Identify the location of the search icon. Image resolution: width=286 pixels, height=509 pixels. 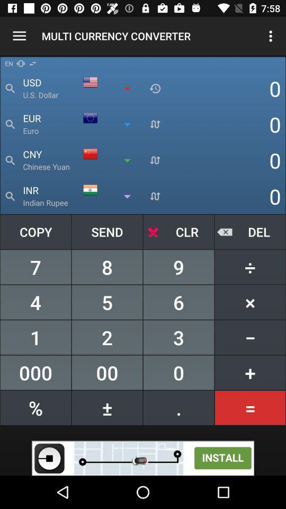
(10, 196).